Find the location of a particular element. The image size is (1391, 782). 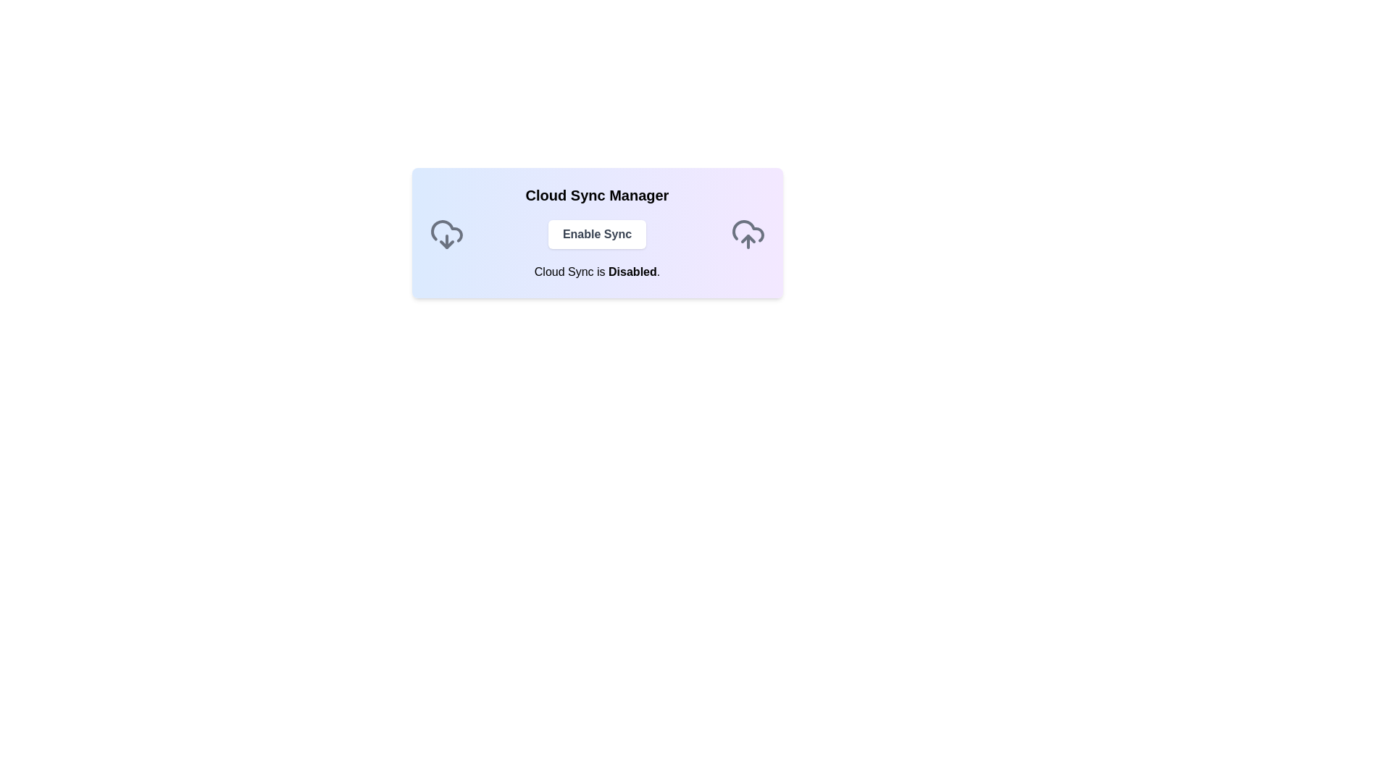

the 'Enable Sync' button to toggle the sync status is located at coordinates (597, 234).